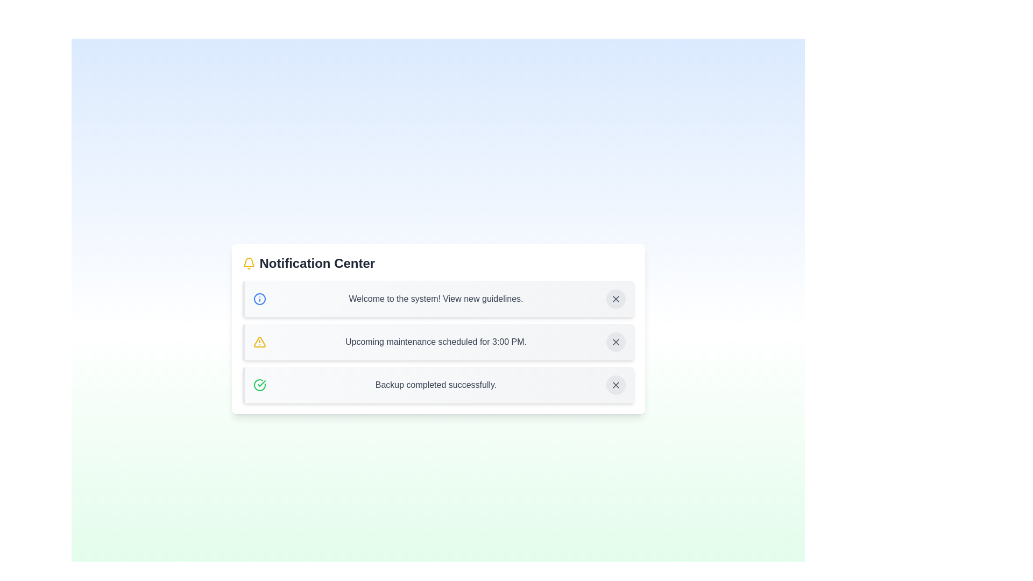 Image resolution: width=1033 pixels, height=581 pixels. I want to click on the close button located on the right side of the second notification item in the Notification Center, which dismisses the notification message 'Upcoming maintenance scheduled for 3:00 PM.', so click(615, 342).